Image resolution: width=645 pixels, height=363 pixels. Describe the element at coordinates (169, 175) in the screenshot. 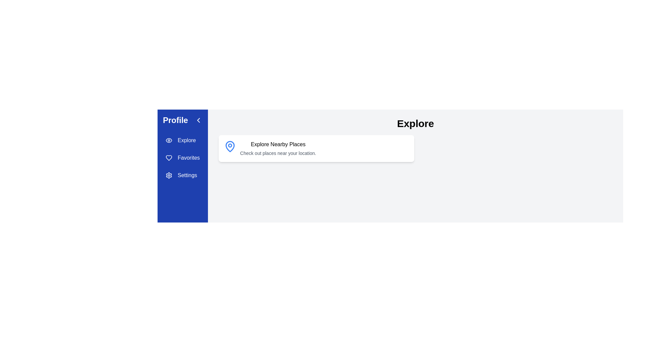

I see `the settings icon located in the vertical navigation bar on the left side of the interface, which serves as a visual indicator for accessing settings options` at that location.